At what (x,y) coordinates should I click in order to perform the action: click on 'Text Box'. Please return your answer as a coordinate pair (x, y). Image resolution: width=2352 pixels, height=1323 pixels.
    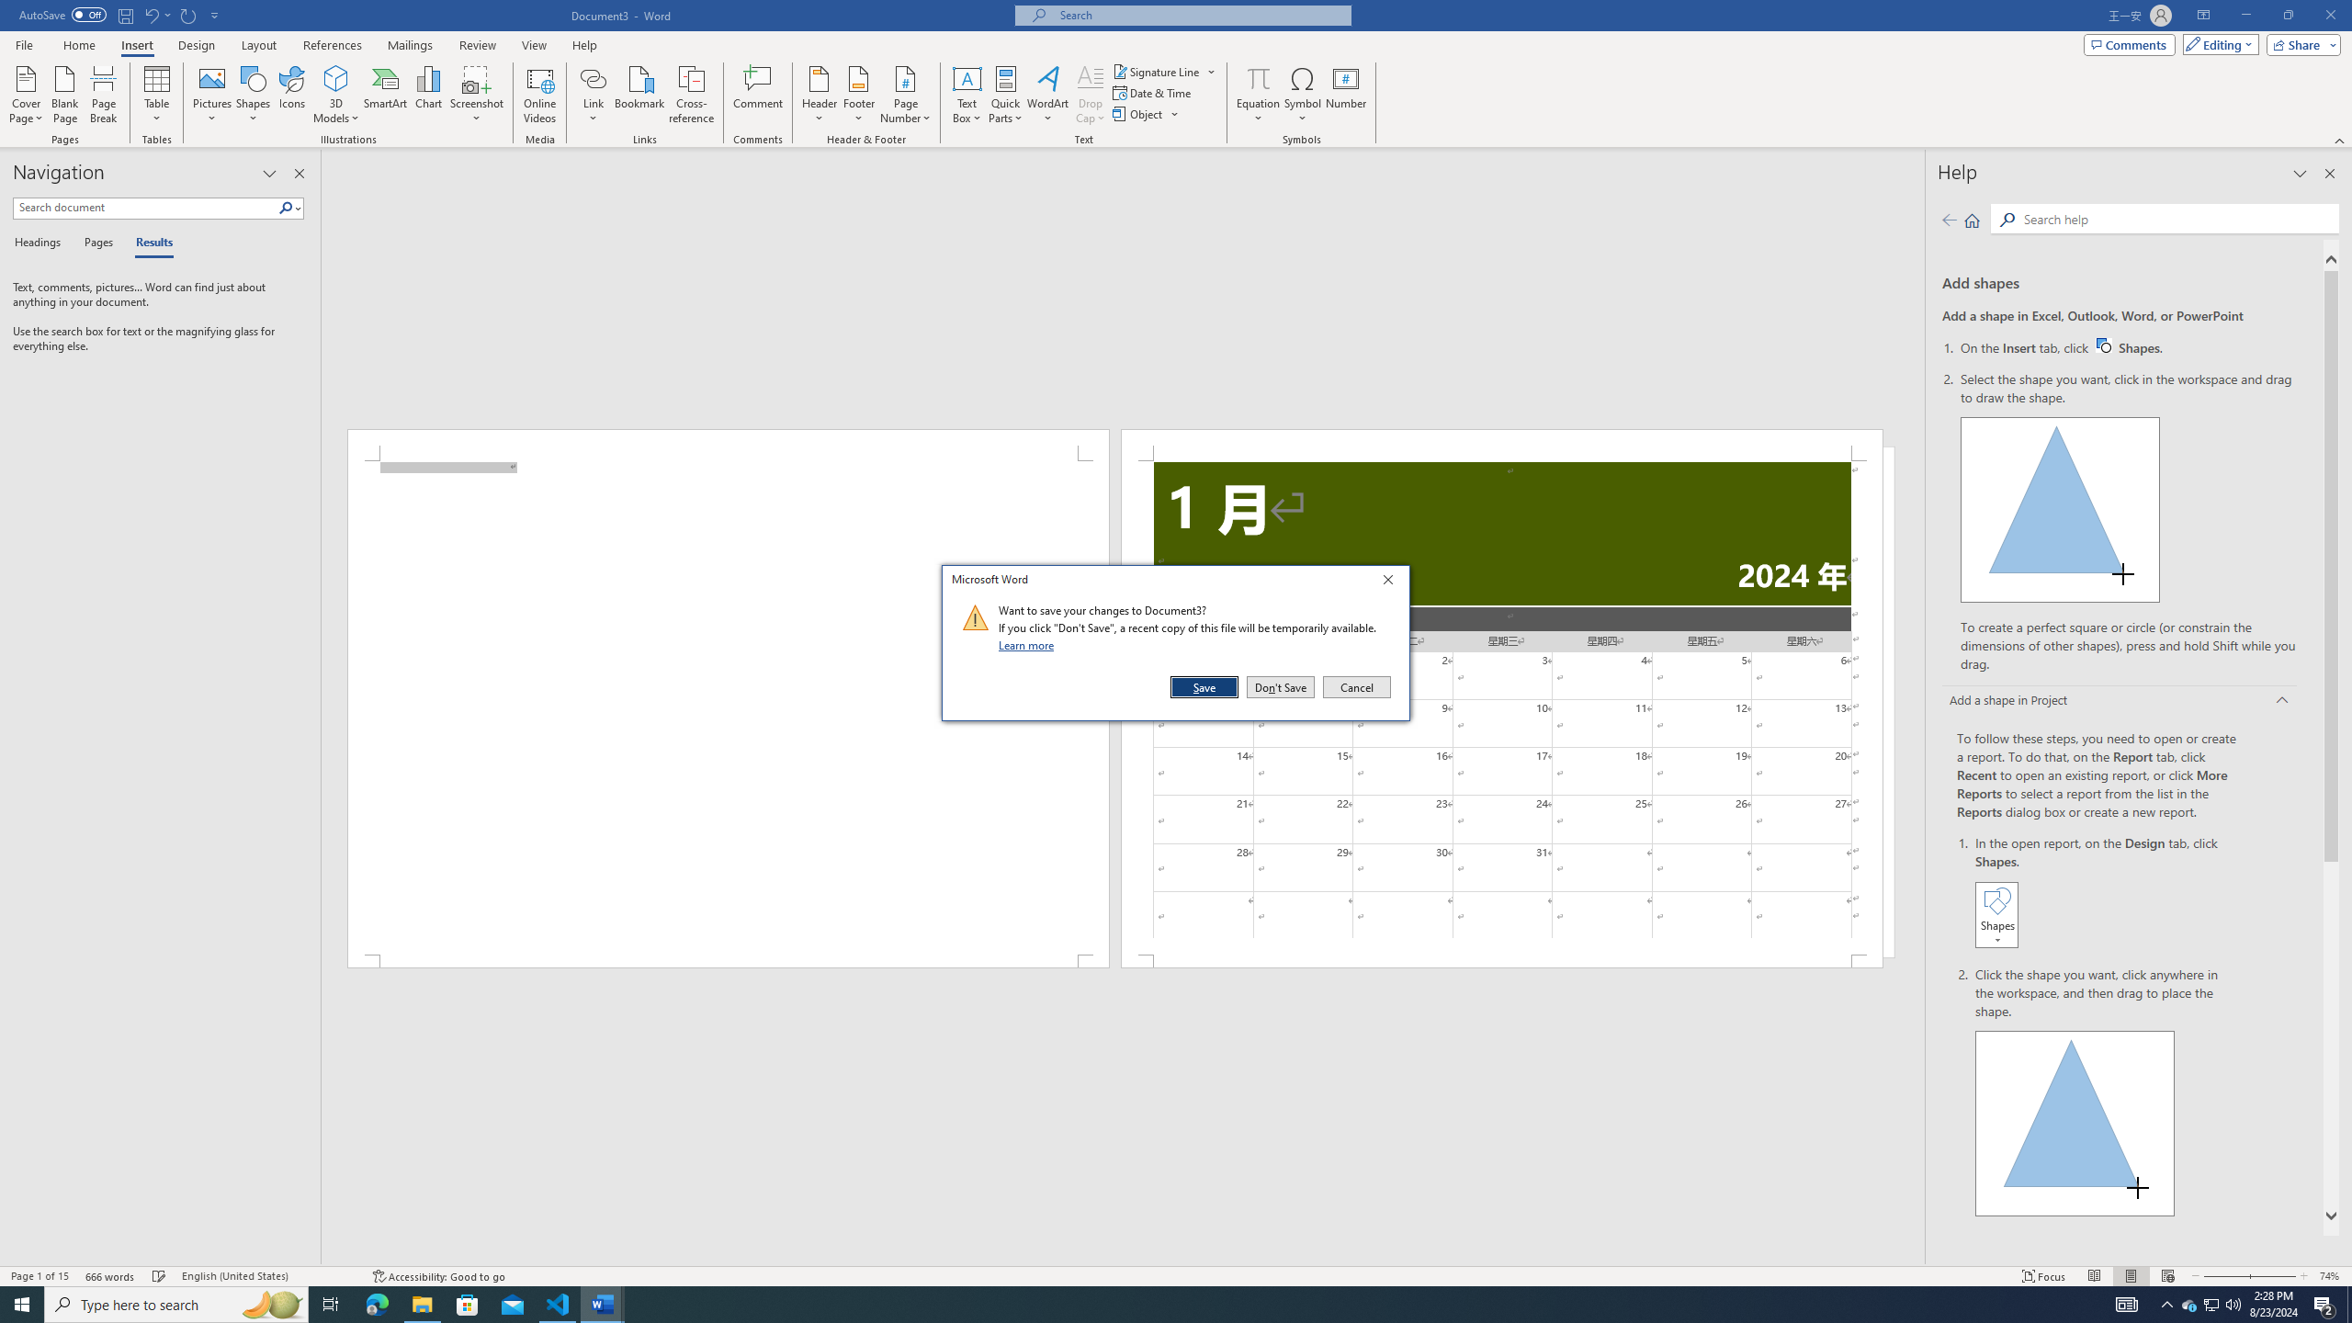
    Looking at the image, I should click on (967, 95).